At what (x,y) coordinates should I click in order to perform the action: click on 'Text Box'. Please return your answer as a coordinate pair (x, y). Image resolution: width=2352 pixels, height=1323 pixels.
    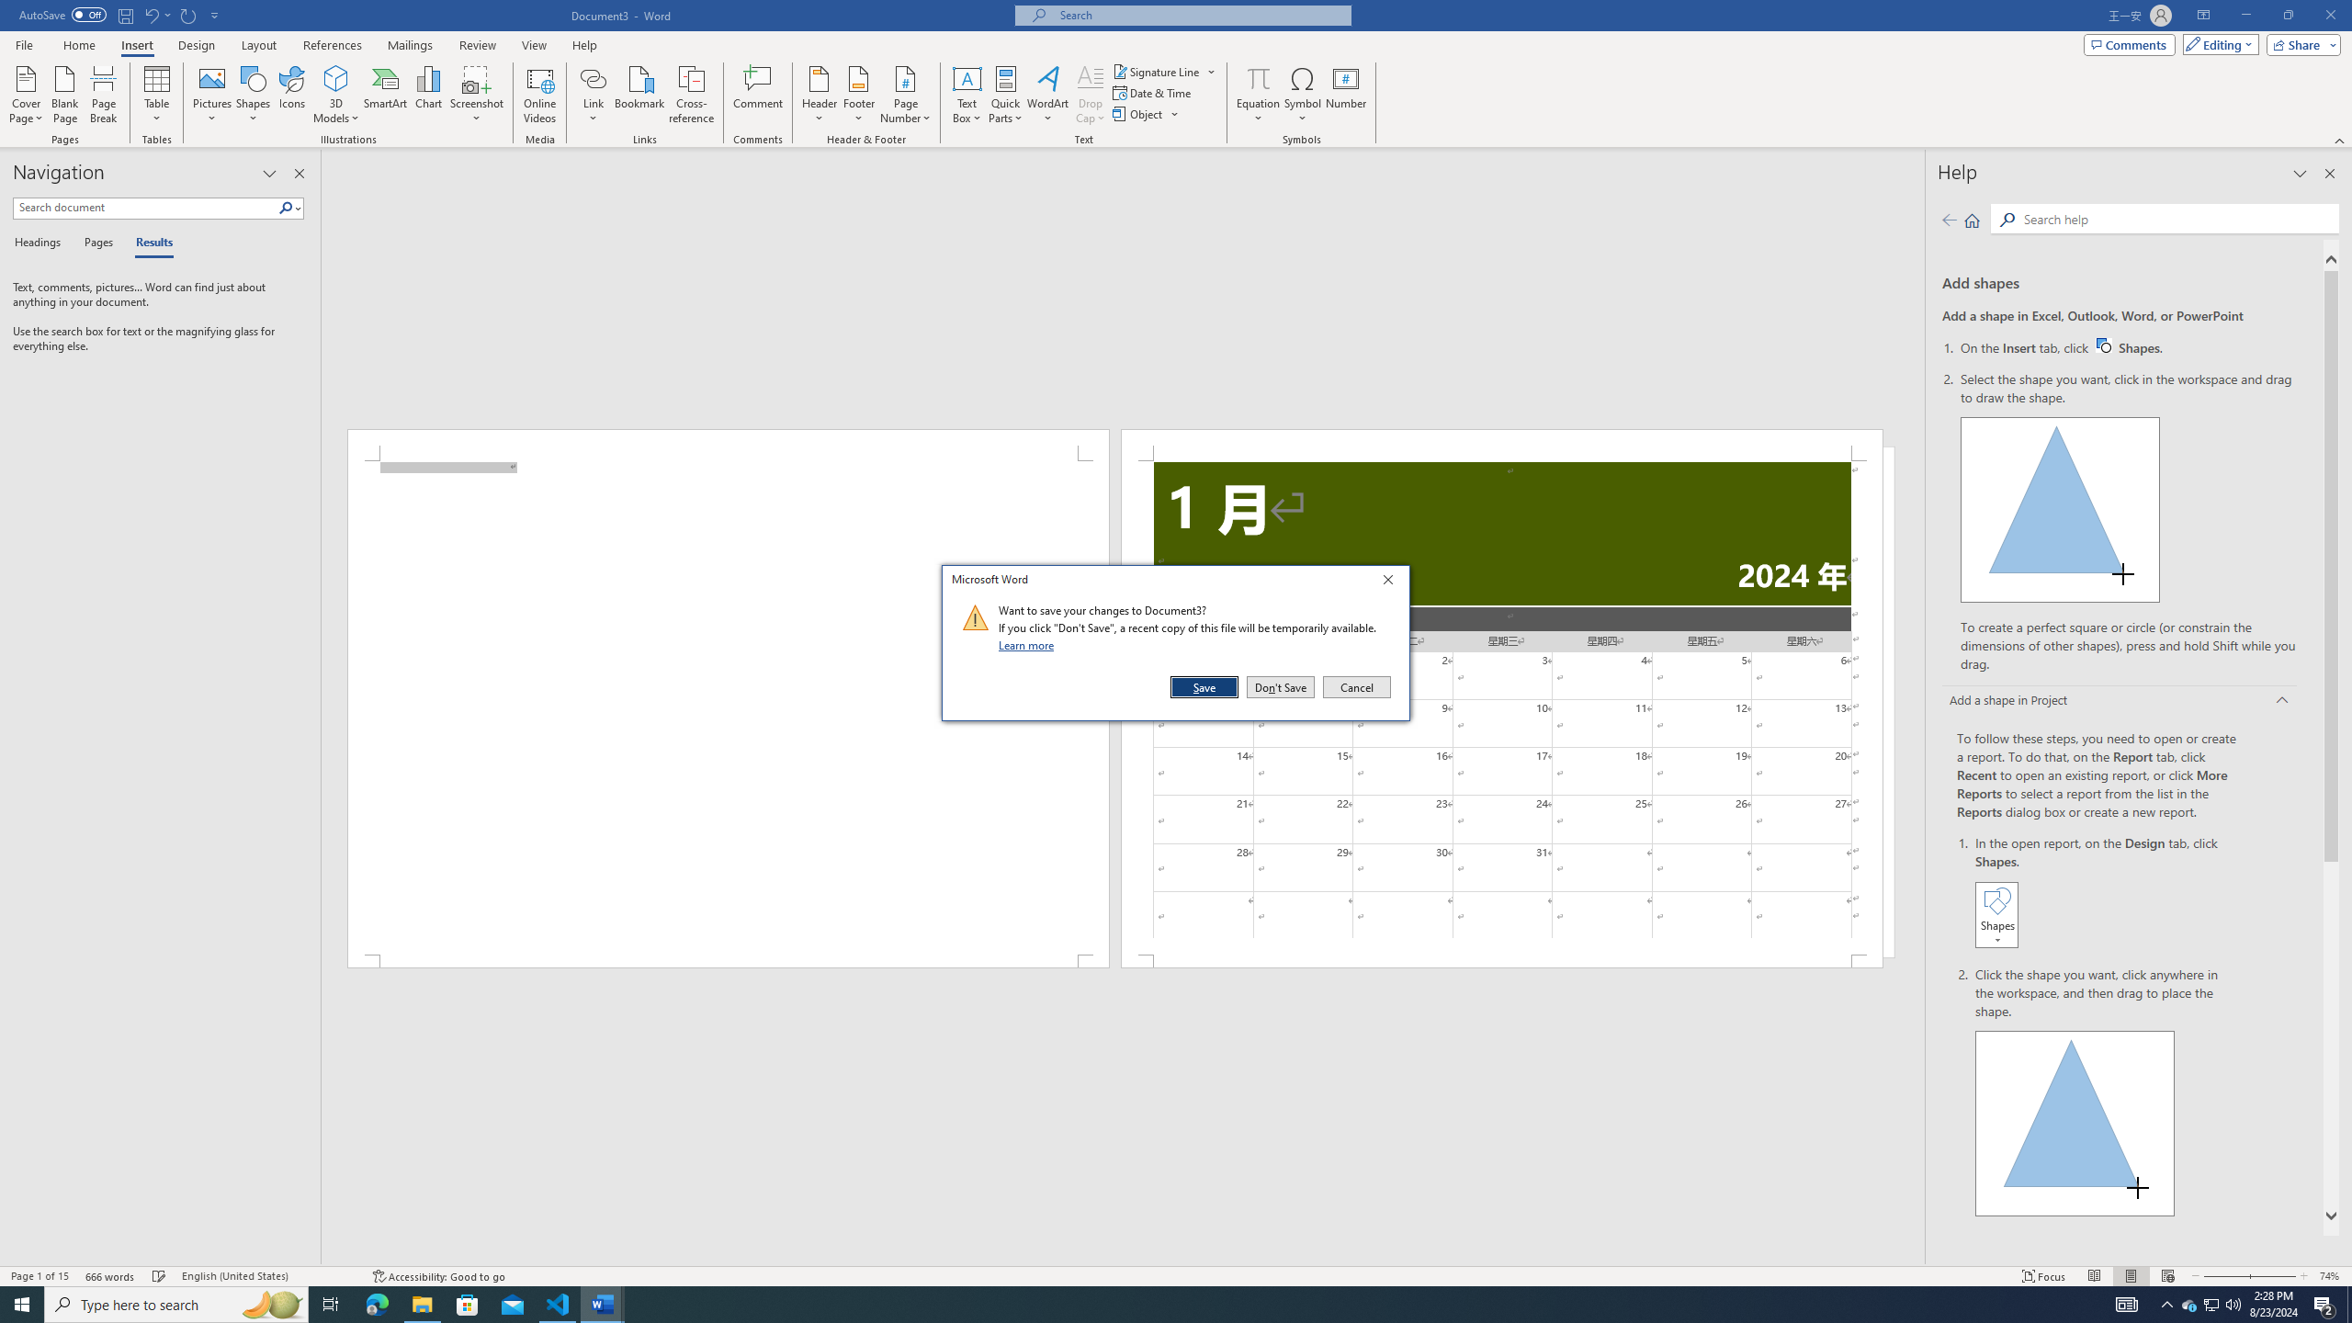
    Looking at the image, I should click on (967, 95).